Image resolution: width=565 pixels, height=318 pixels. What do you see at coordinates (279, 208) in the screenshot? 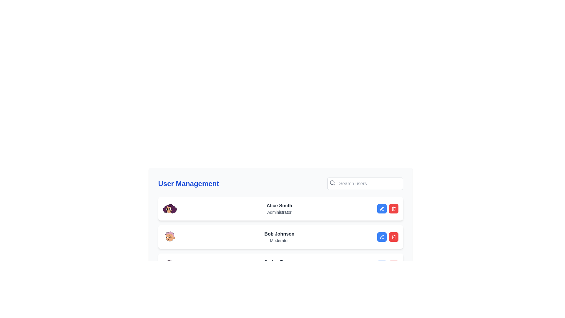
I see `the vertical text display containing 'Alice Smith' and 'Administrator' which is positioned in the top card of the user list under 'User Management'` at bounding box center [279, 208].